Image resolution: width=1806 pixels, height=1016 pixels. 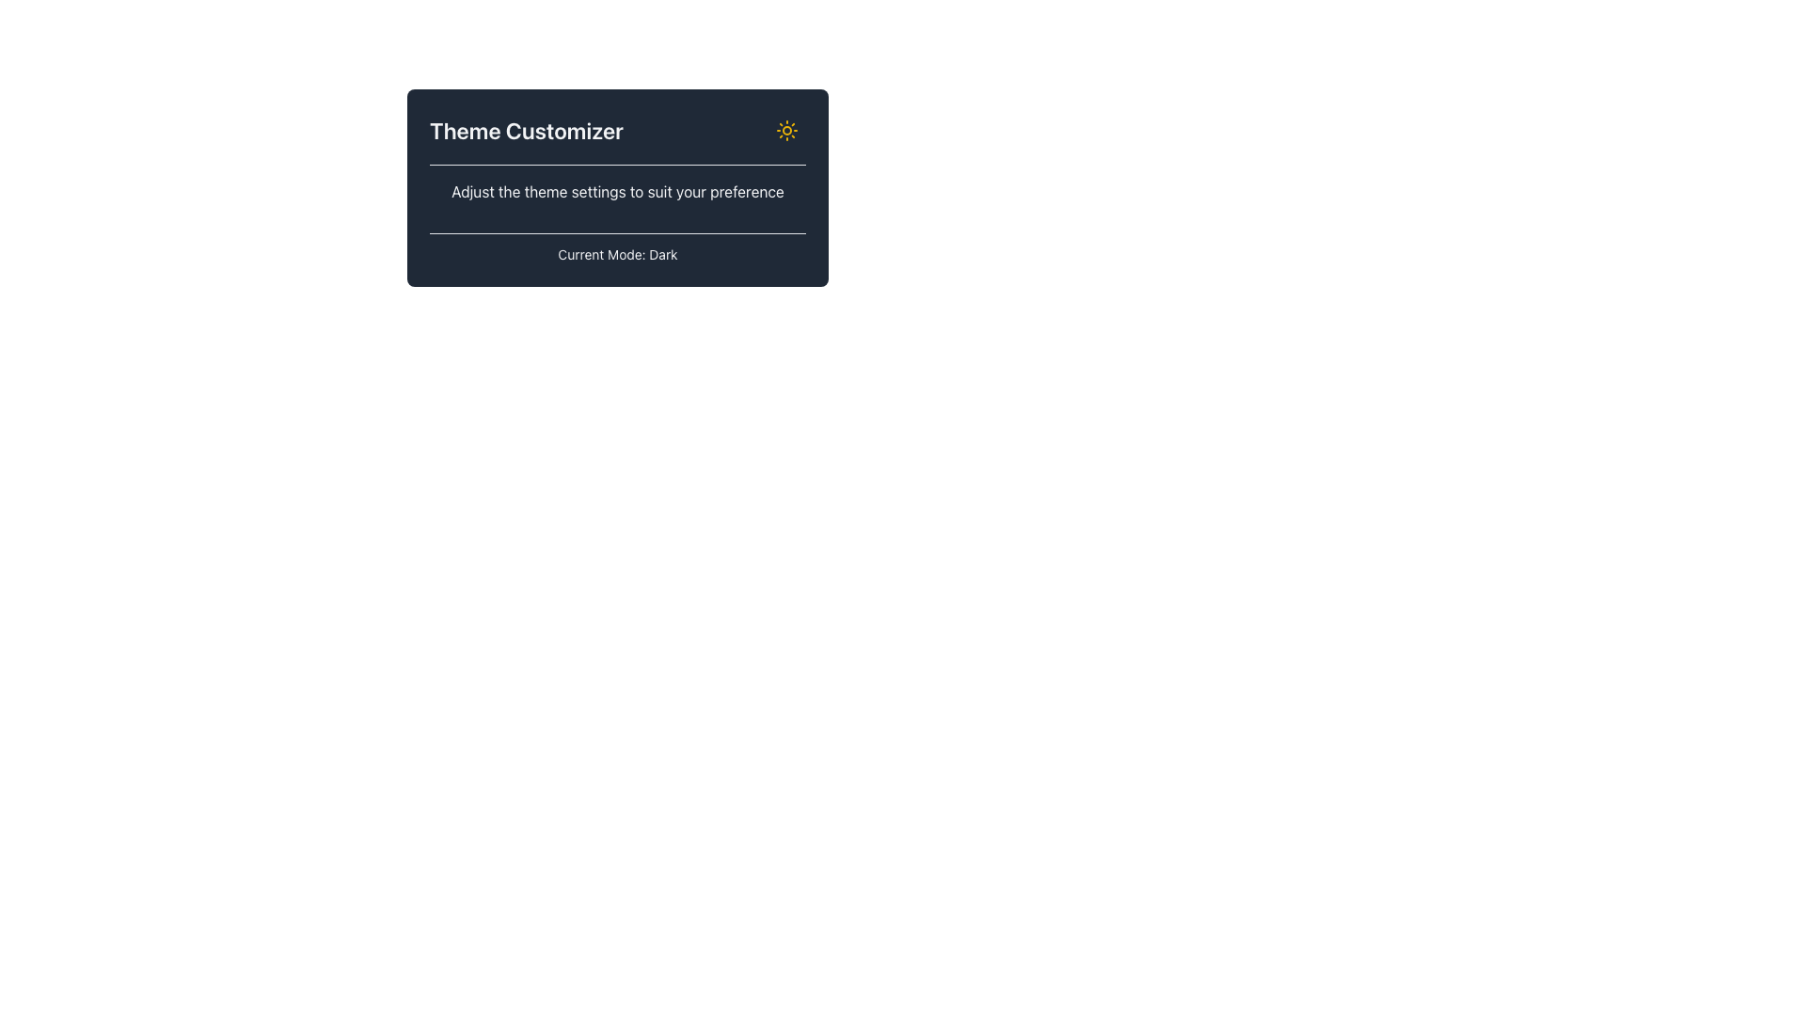 I want to click on the text label that indicates the current mode as 'Current Mode: Dark', located in the Theme Customizer section, below the horizontal line separator, so click(x=618, y=254).